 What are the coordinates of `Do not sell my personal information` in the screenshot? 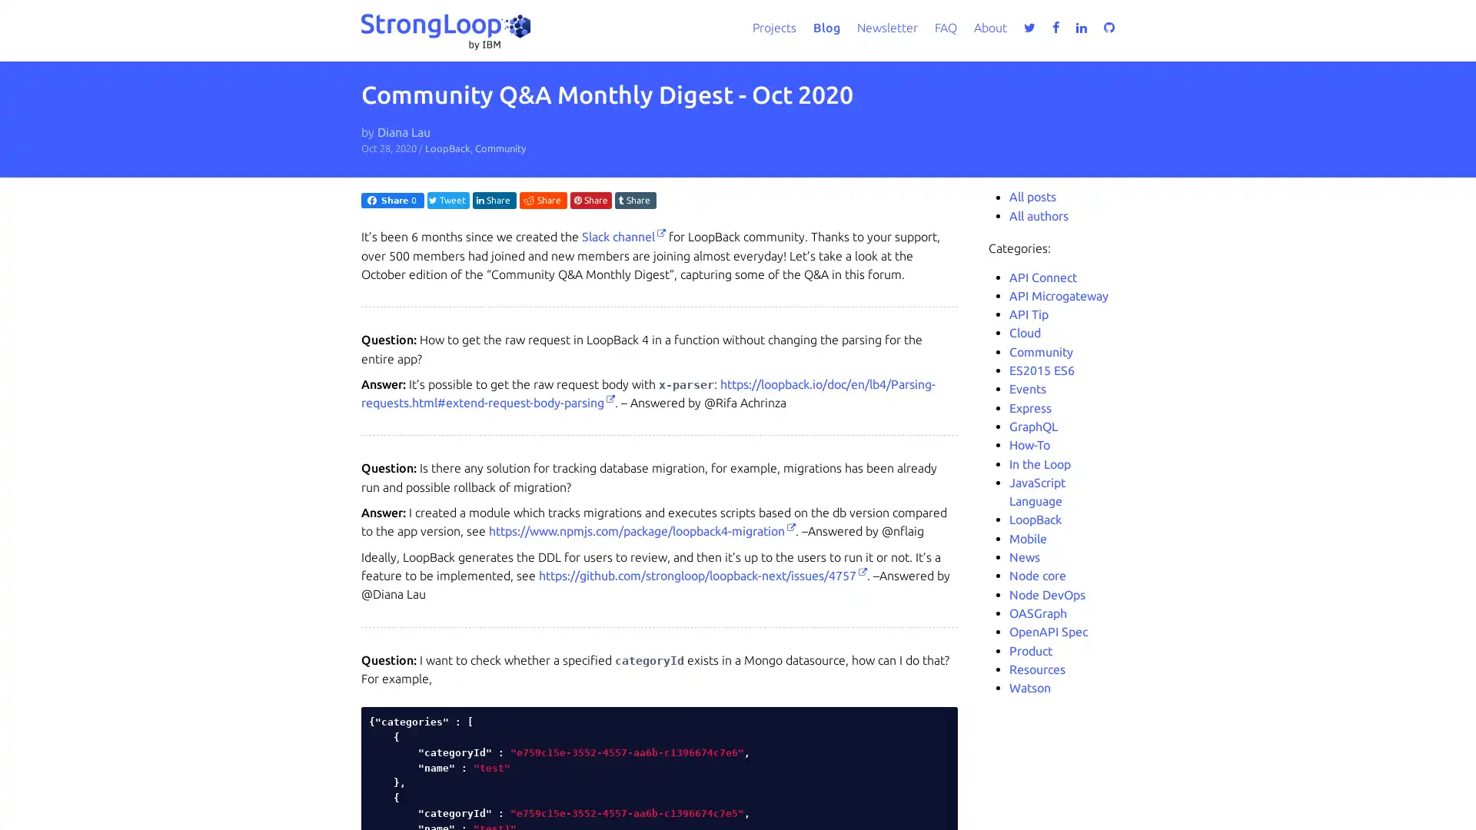 It's located at (1351, 779).